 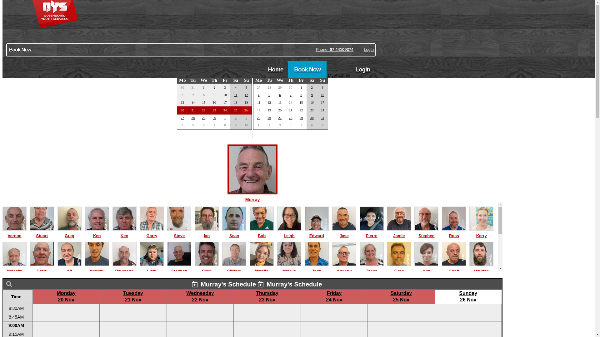 I want to click on '26', so click(x=267, y=118).